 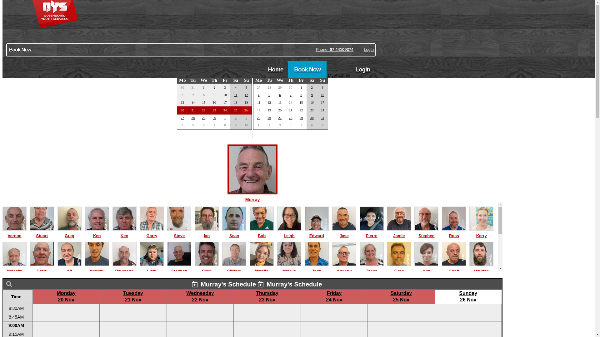 I want to click on '26', so click(x=267, y=118).